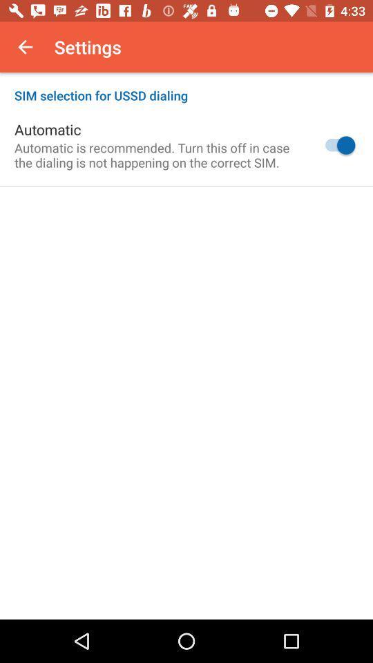  I want to click on sim selection for icon, so click(186, 87).